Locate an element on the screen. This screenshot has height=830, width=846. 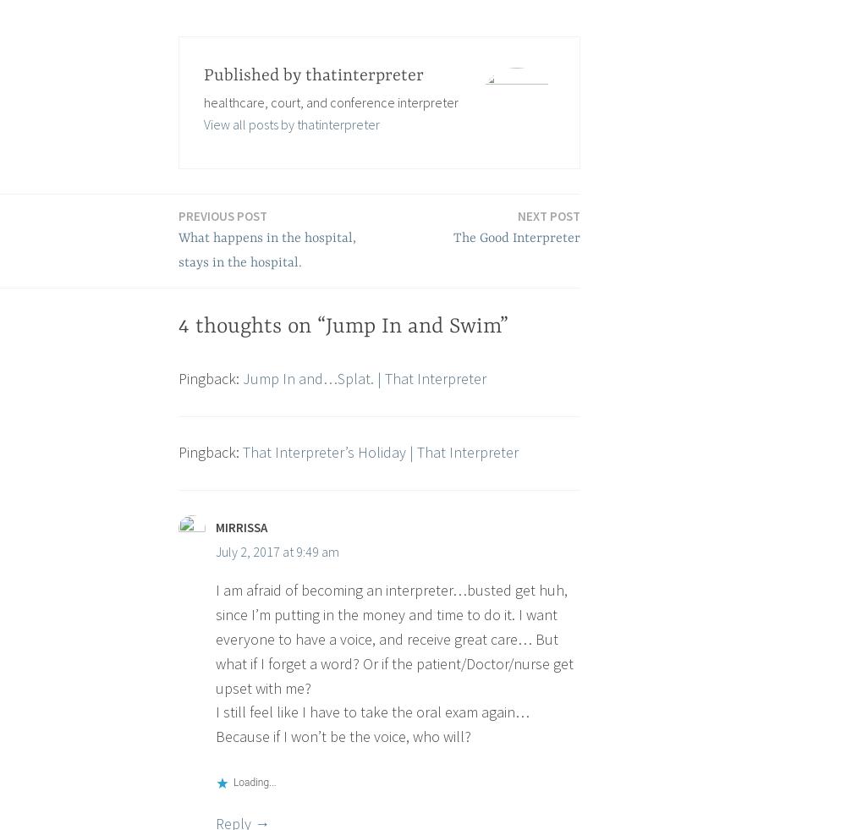
'What happens in the hospital, stays in the hospital.' is located at coordinates (266, 250).